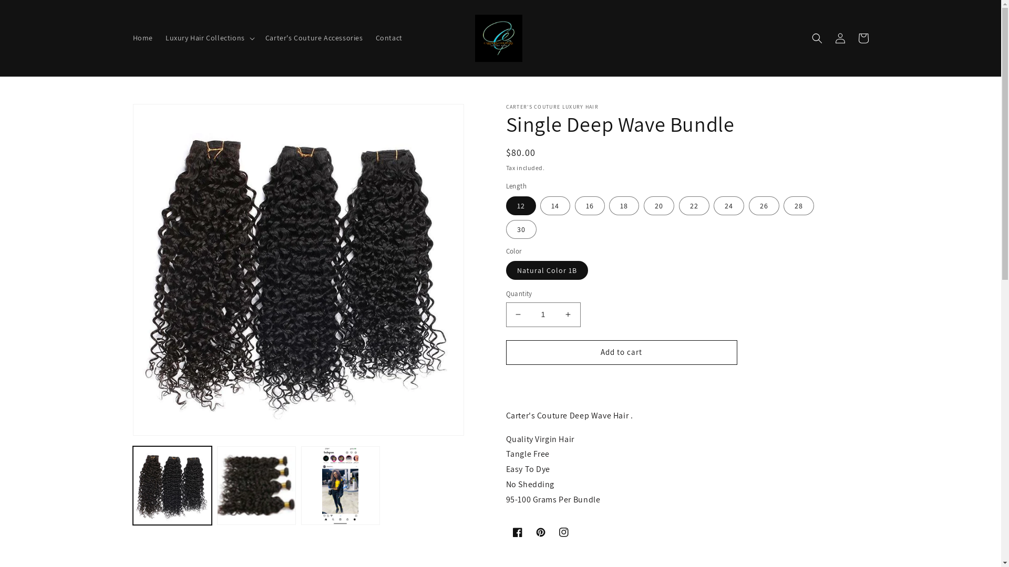 Image resolution: width=1009 pixels, height=567 pixels. I want to click on 'Instagram', so click(562, 532).